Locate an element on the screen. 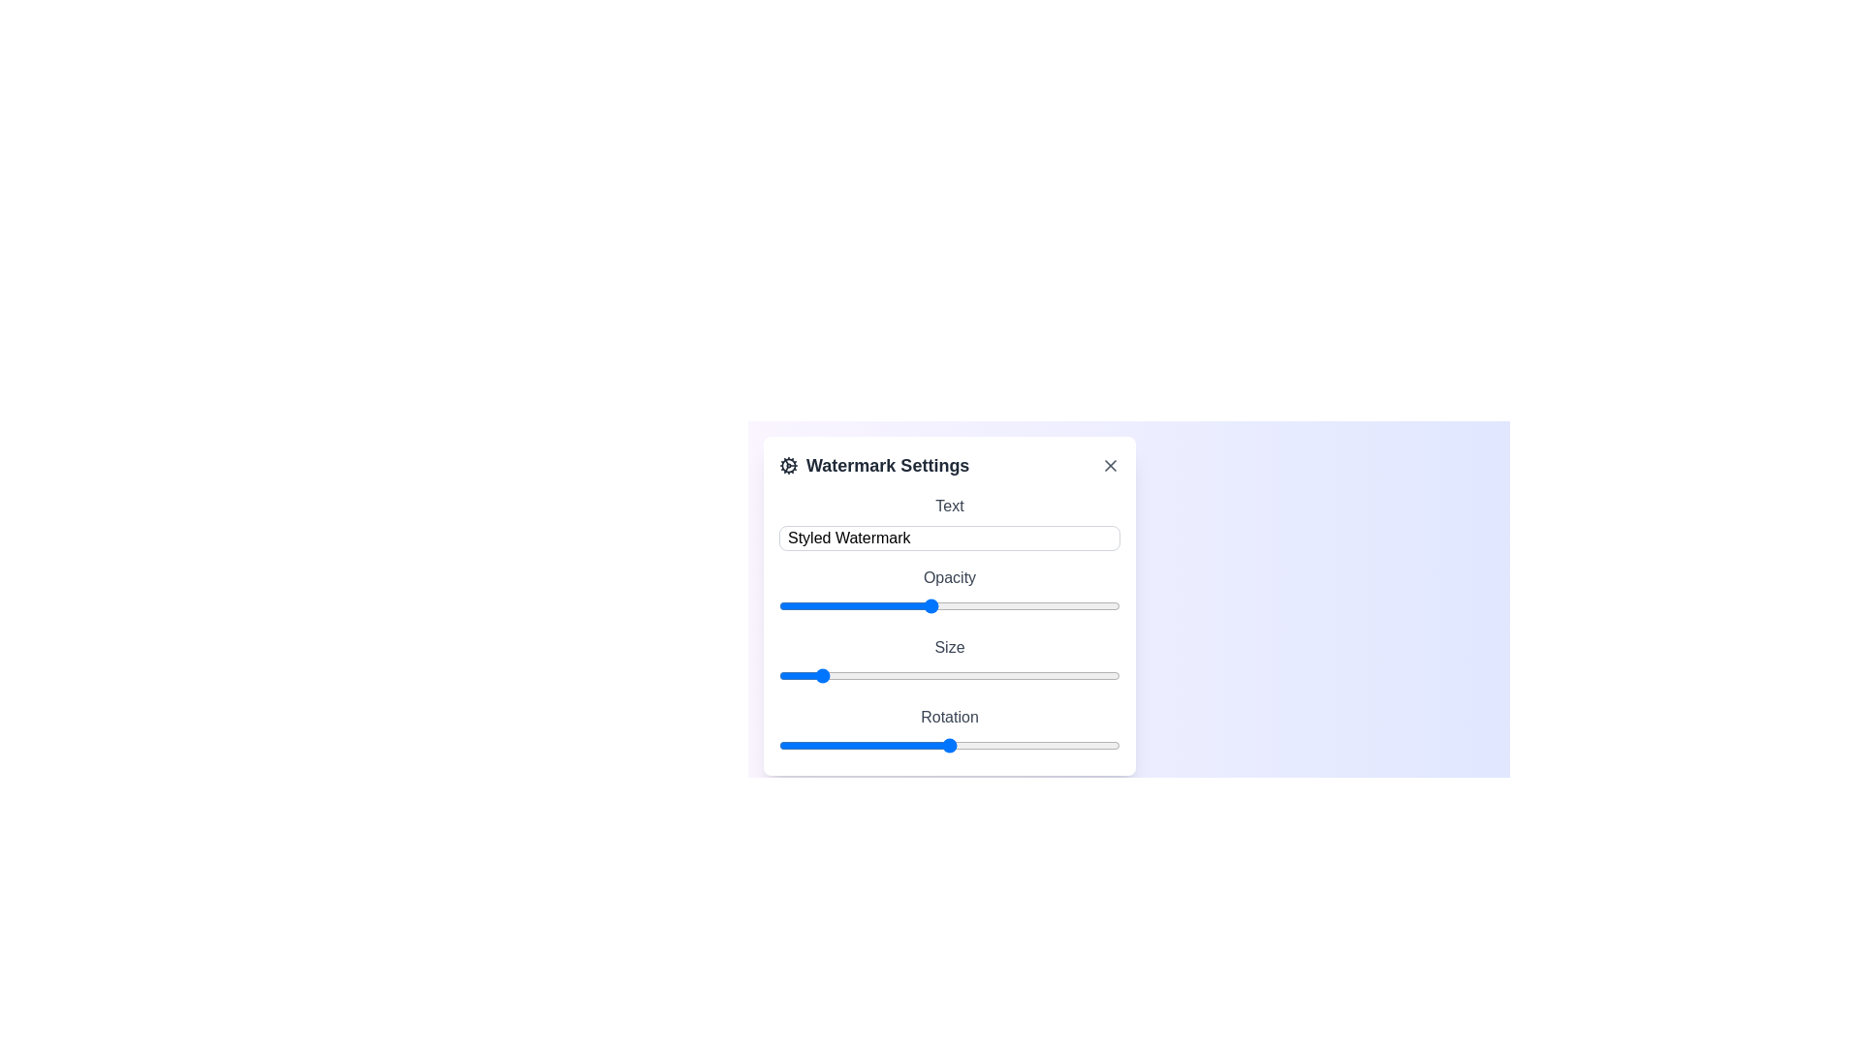 Image resolution: width=1861 pixels, height=1046 pixels. rotation is located at coordinates (802, 745).